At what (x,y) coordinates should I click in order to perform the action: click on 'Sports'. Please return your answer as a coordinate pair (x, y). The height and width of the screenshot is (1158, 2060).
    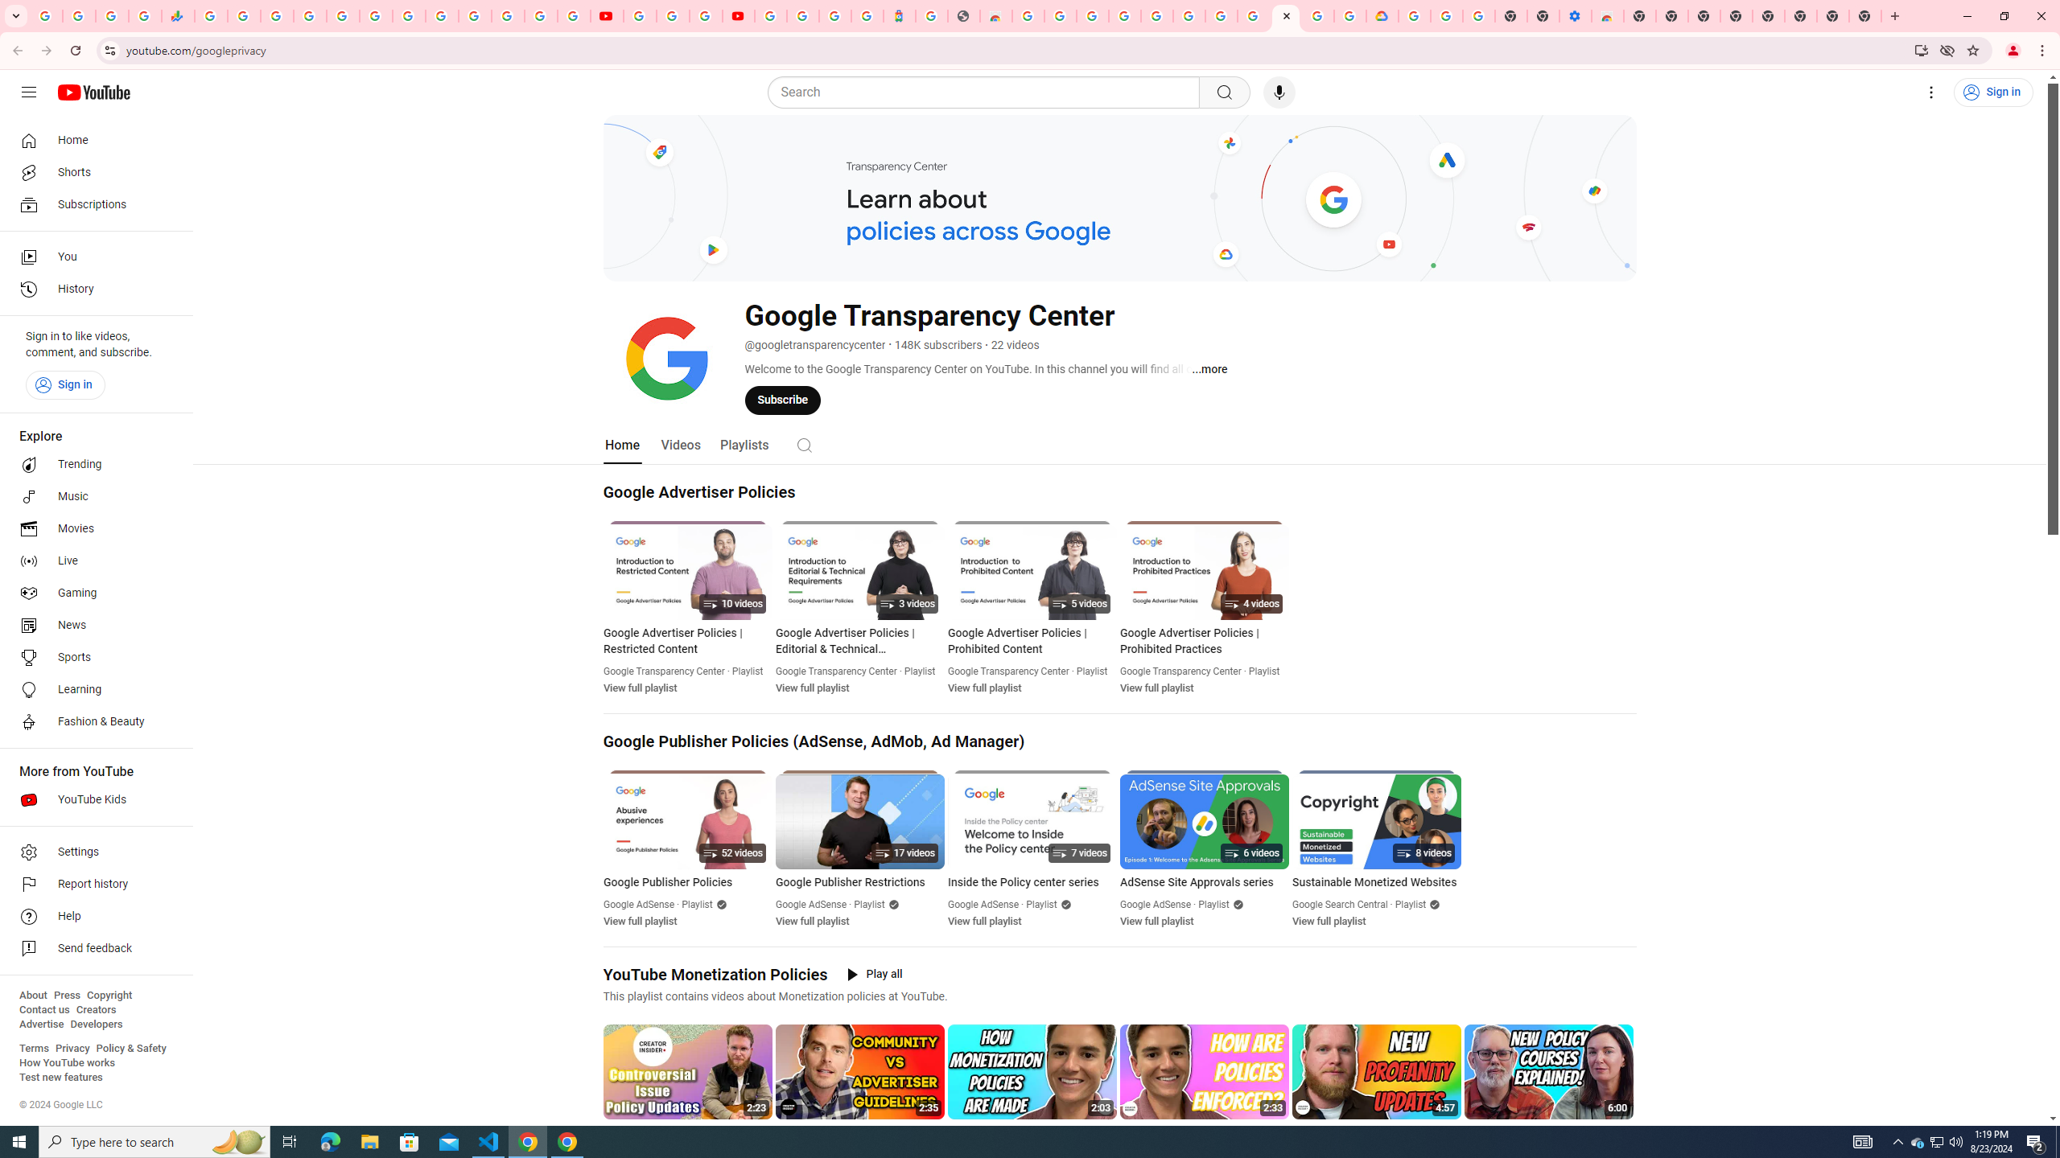
    Looking at the image, I should click on (91, 656).